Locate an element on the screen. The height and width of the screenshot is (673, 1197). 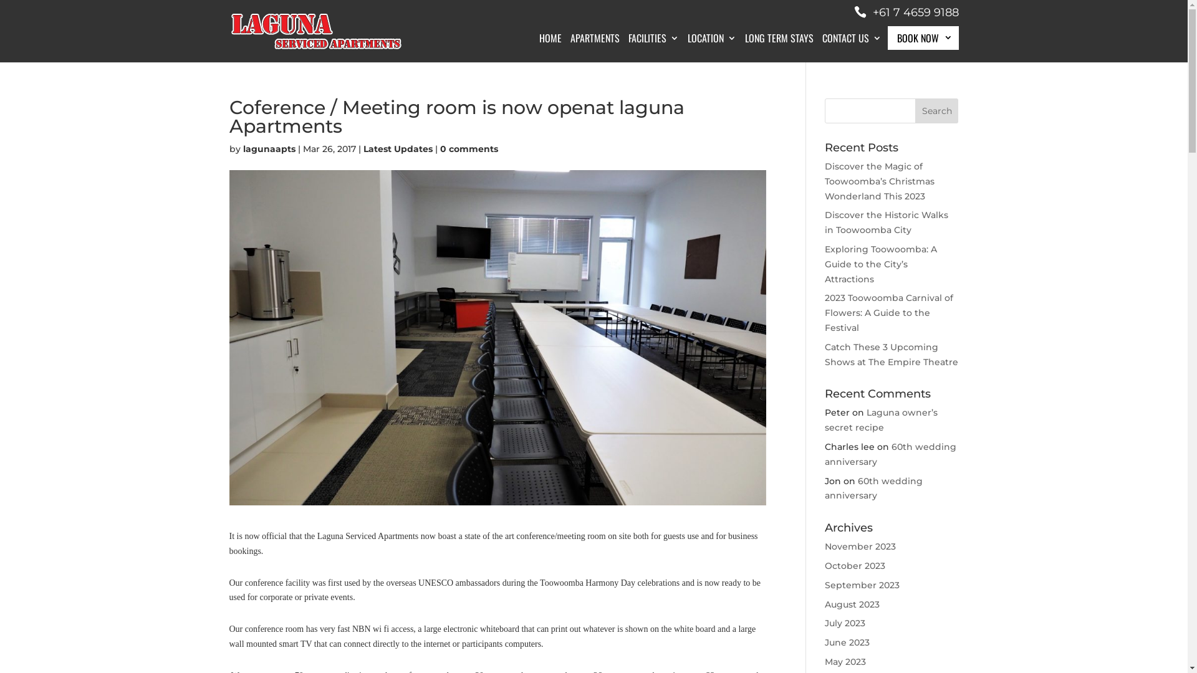
'September 2023' is located at coordinates (861, 585).